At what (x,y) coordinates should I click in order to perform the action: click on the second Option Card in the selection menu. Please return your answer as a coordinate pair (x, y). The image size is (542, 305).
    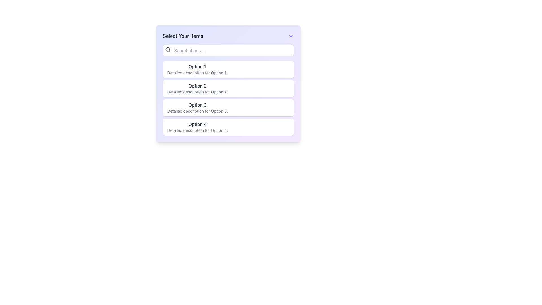
    Looking at the image, I should click on (228, 84).